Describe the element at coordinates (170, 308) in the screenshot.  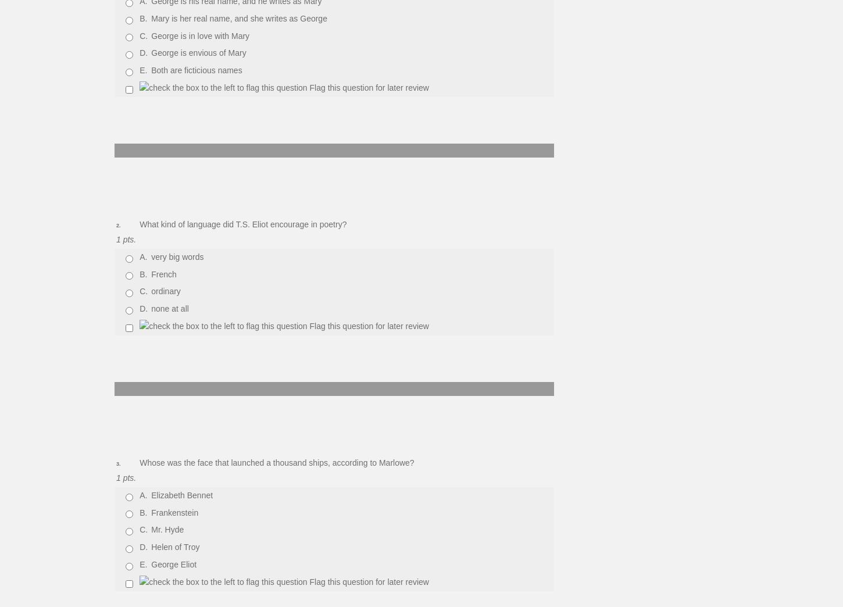
I see `'none at all'` at that location.